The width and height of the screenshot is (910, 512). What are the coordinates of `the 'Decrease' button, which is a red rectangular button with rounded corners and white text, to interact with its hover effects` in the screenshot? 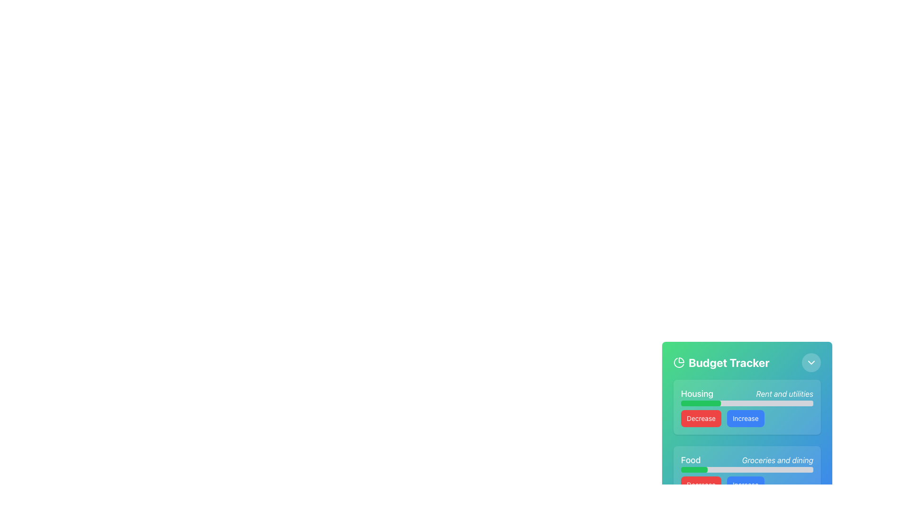 It's located at (701, 418).